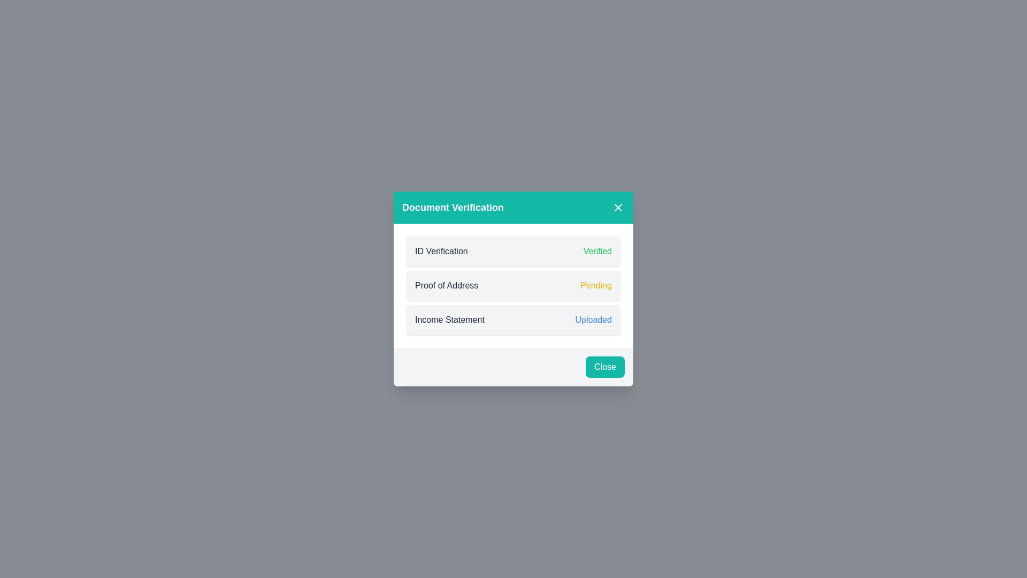  I want to click on status displayed in the text label 'Uploaded', which is in blue font color and located on the right side of the row containing 'Income Statement', so click(593, 319).